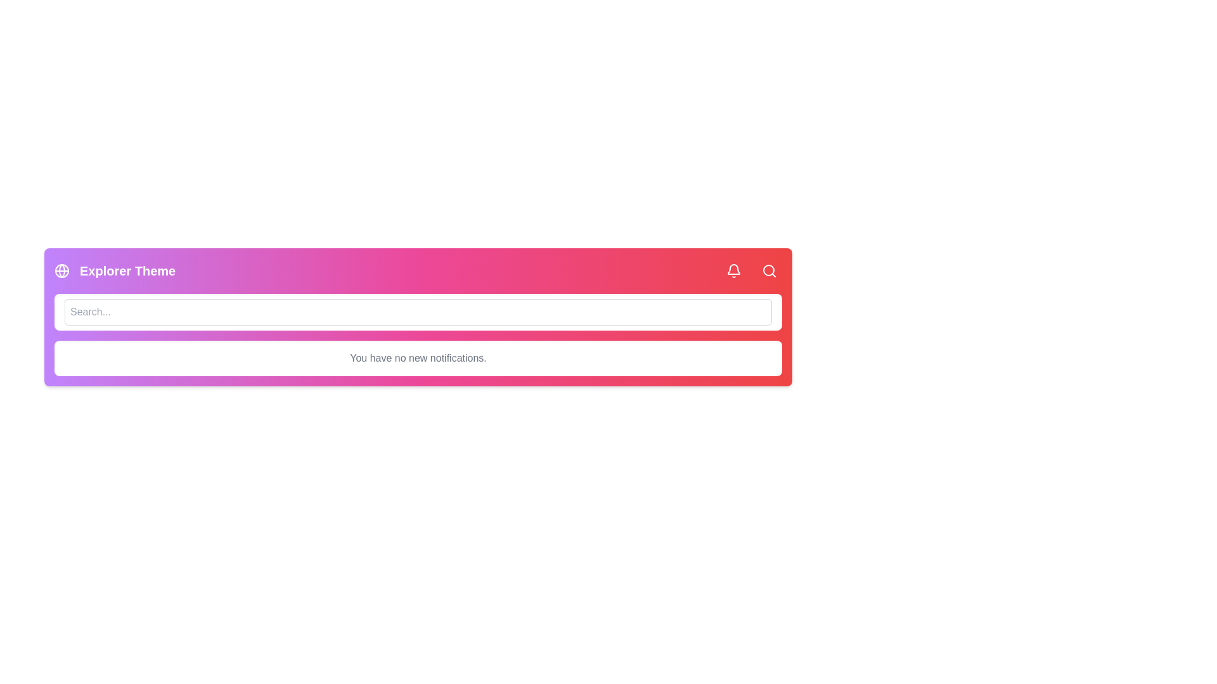  What do you see at coordinates (61, 270) in the screenshot?
I see `the circular component that forms part of the globe icon located in the top-left corner of the header bar` at bounding box center [61, 270].